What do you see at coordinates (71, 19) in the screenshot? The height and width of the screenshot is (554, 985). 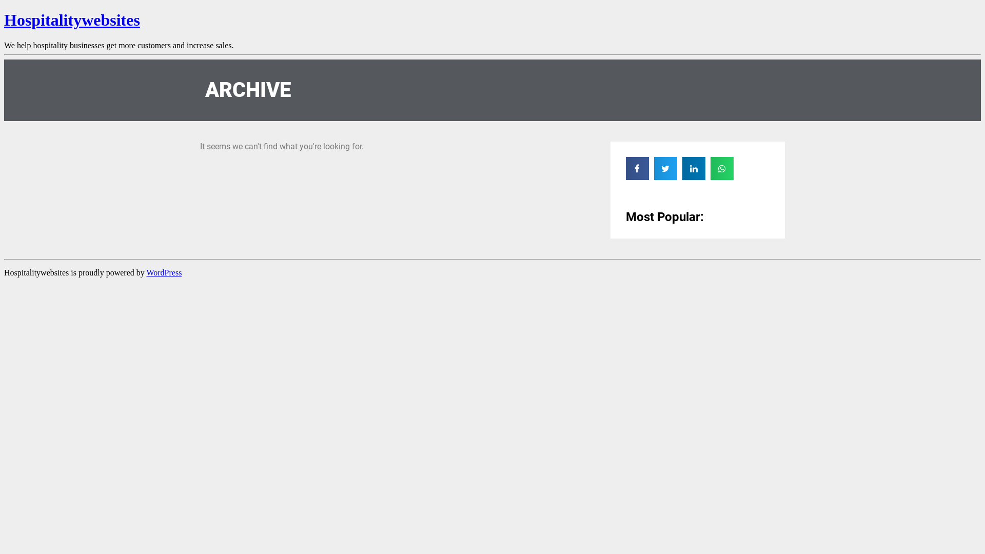 I see `'Hospitalitywebsites'` at bounding box center [71, 19].